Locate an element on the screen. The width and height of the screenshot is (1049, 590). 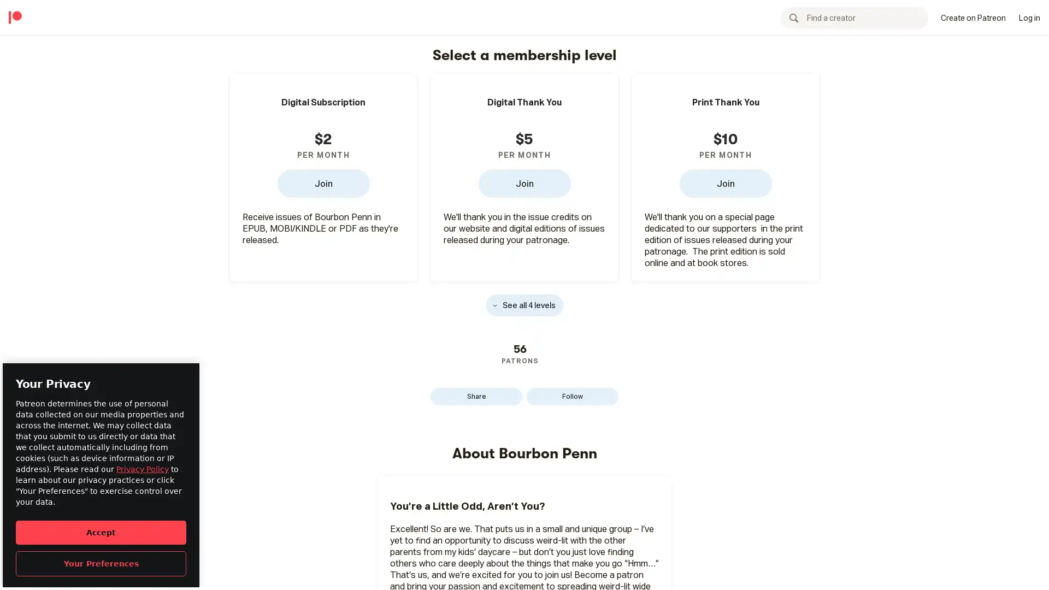
Accept is located at coordinates (101, 532).